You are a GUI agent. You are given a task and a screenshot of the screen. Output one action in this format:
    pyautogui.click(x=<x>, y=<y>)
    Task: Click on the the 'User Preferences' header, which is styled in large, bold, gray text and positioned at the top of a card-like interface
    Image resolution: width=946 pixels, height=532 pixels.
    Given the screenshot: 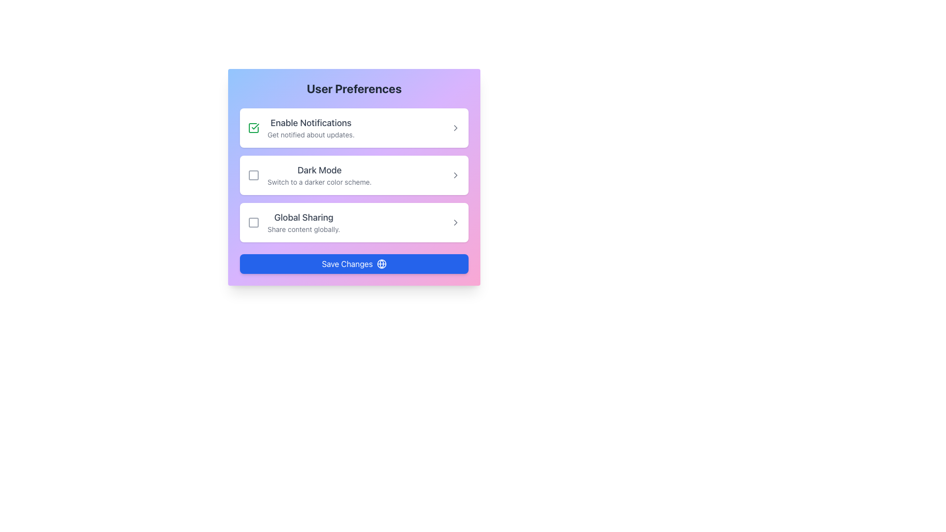 What is the action you would take?
    pyautogui.click(x=354, y=89)
    